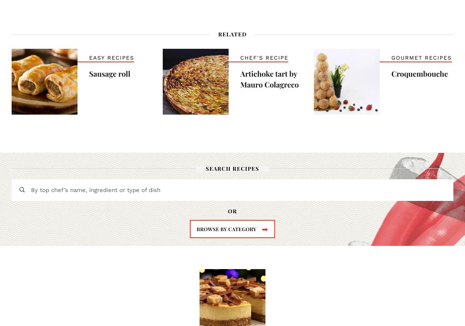  Describe the element at coordinates (232, 168) in the screenshot. I see `'Search Recipes'` at that location.